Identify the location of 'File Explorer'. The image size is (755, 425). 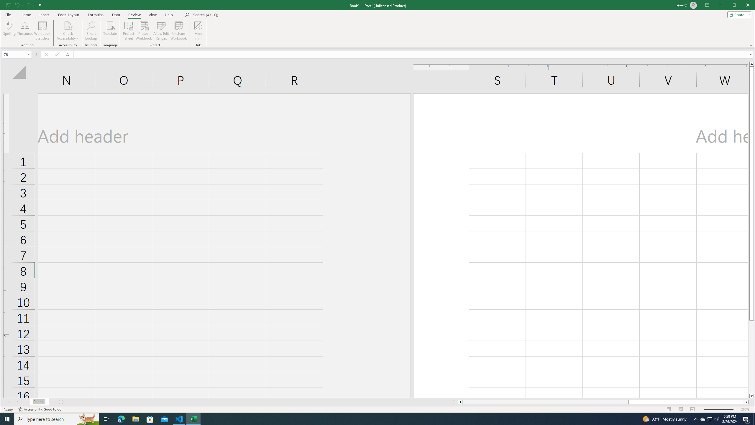
(135, 419).